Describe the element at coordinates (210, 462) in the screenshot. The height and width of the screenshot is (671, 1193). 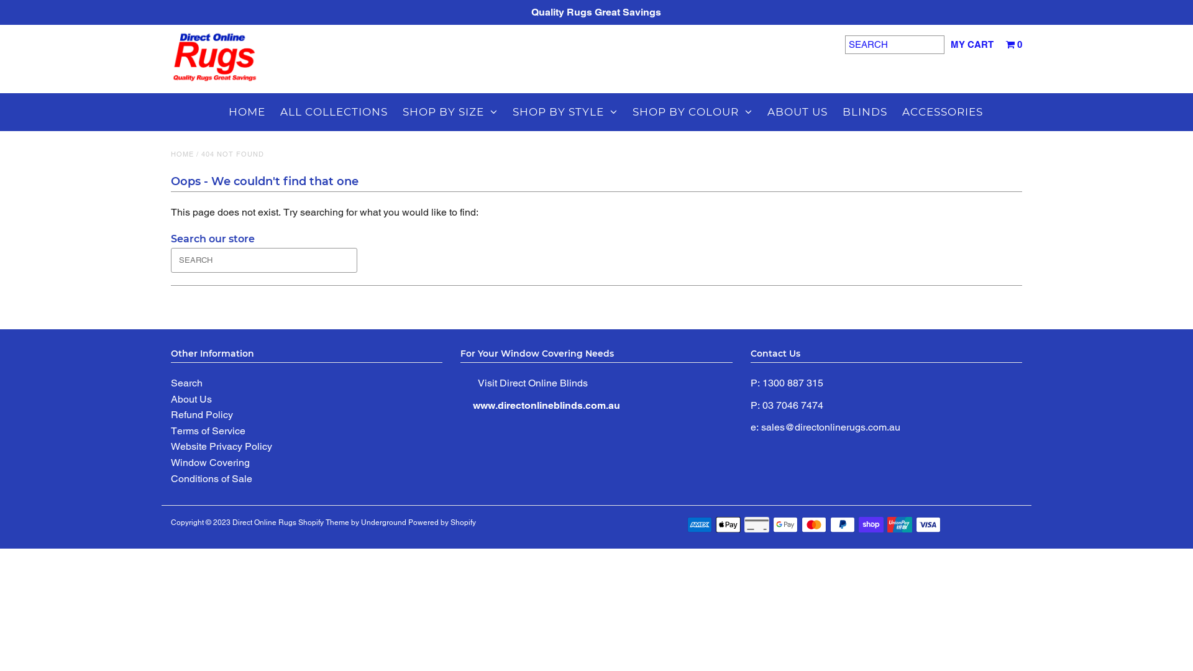
I see `'Window Covering'` at that location.